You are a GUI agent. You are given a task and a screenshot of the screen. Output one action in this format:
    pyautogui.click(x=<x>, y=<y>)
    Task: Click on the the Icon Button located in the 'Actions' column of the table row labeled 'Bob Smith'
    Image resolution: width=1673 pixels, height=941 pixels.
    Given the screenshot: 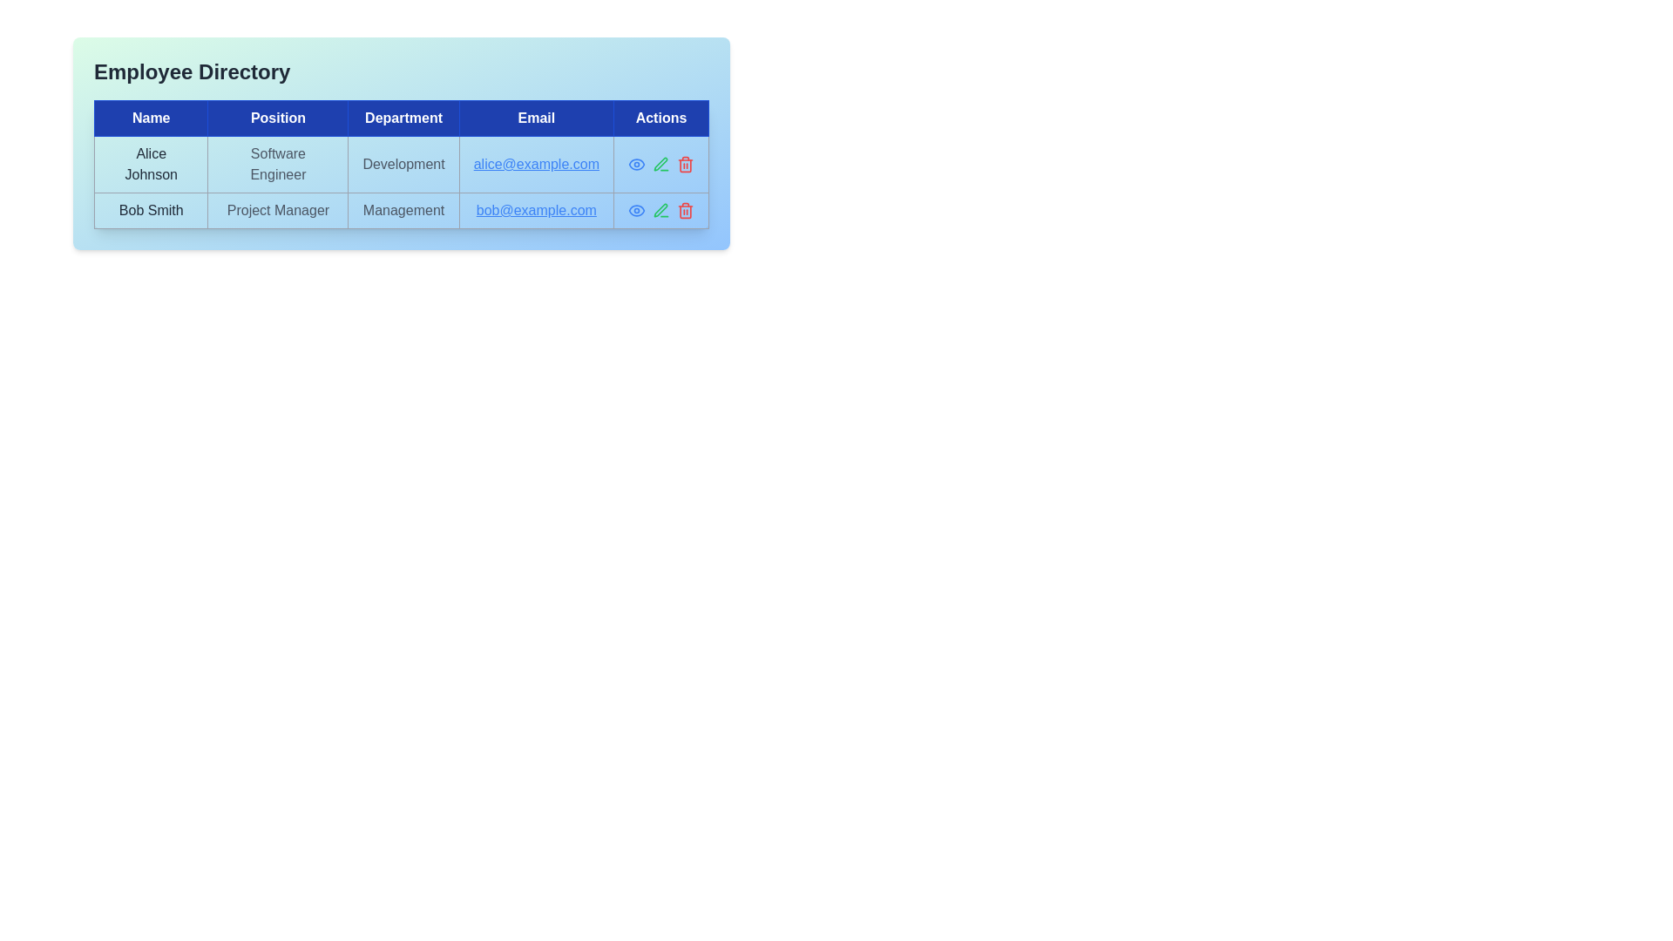 What is the action you would take?
    pyautogui.click(x=660, y=210)
    